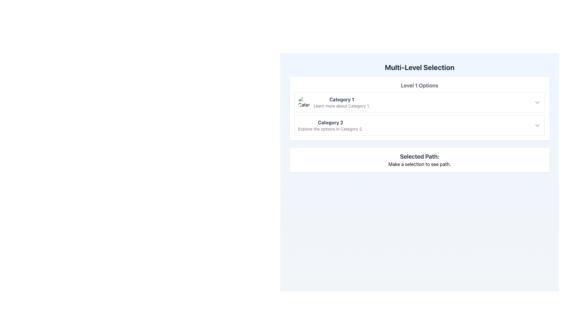  What do you see at coordinates (330, 128) in the screenshot?
I see `the supplementary information text related to 'Category 2' located beneath the 'Category 2' header` at bounding box center [330, 128].